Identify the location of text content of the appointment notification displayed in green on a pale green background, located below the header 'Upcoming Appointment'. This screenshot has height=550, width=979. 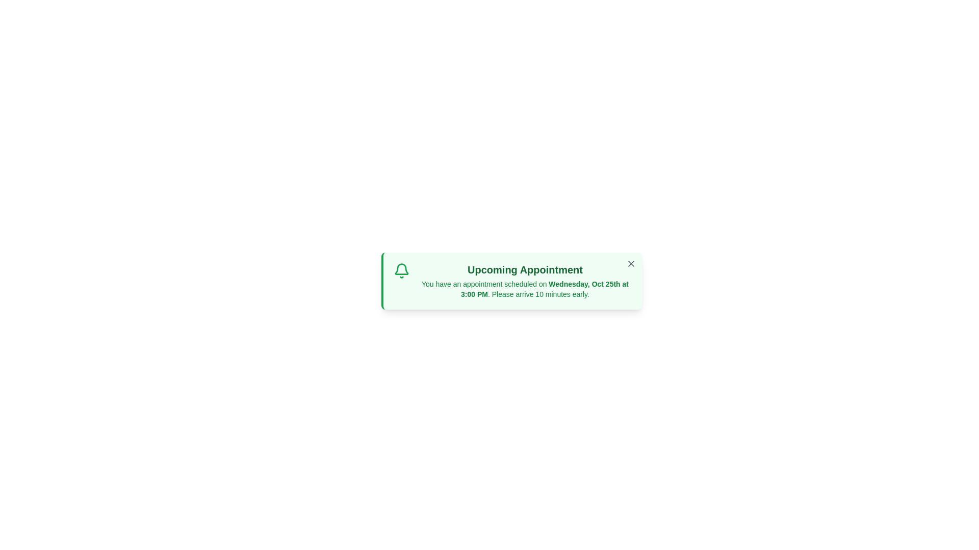
(525, 289).